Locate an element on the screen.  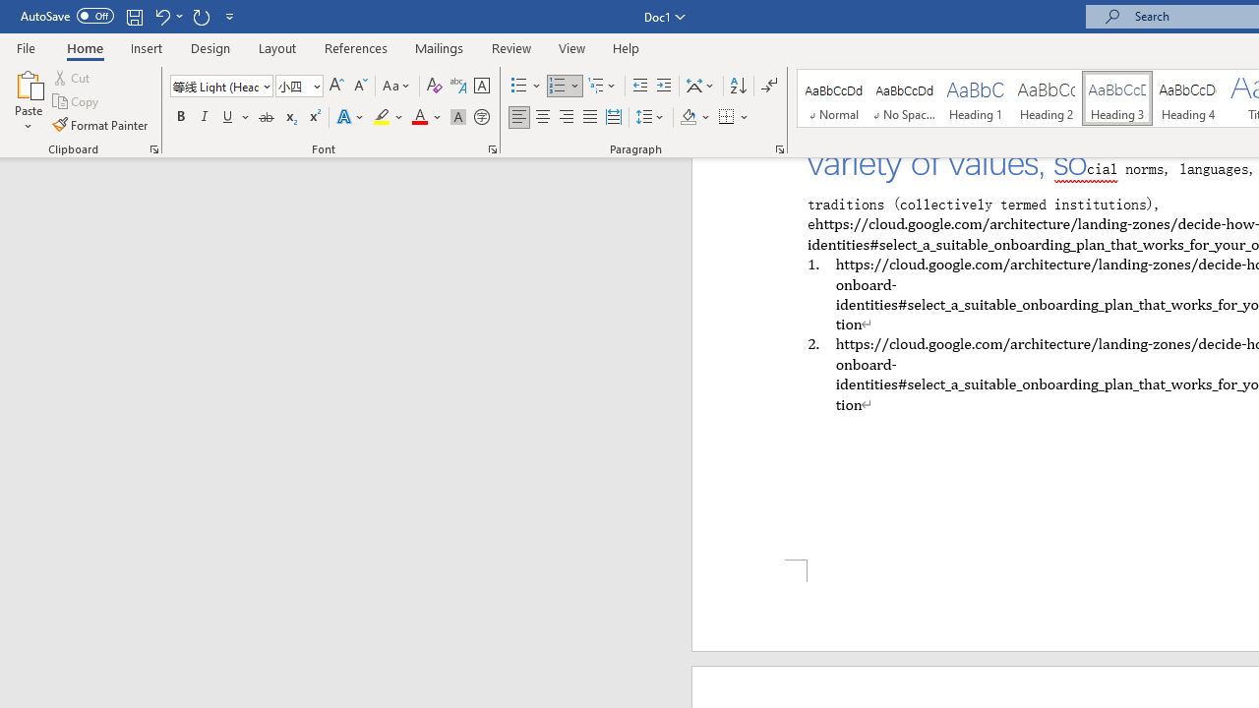
'Italic' is located at coordinates (205, 117).